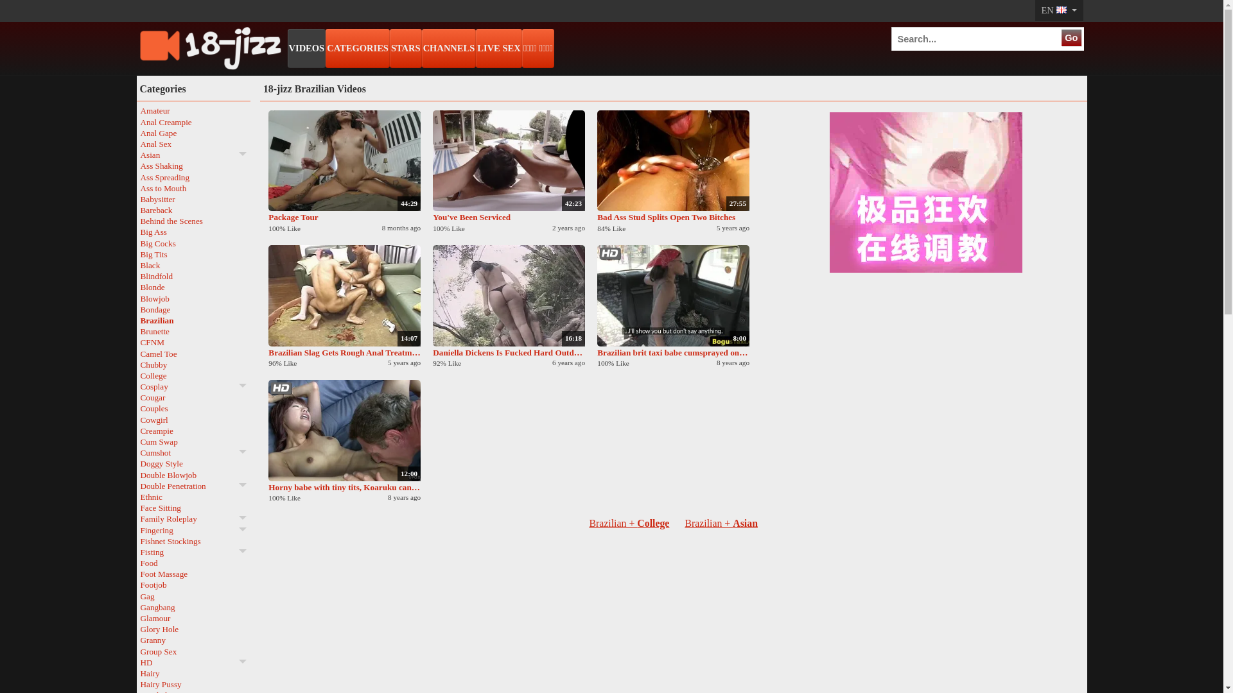 The height and width of the screenshot is (693, 1233). What do you see at coordinates (139, 188) in the screenshot?
I see `'Ass to Mouth'` at bounding box center [139, 188].